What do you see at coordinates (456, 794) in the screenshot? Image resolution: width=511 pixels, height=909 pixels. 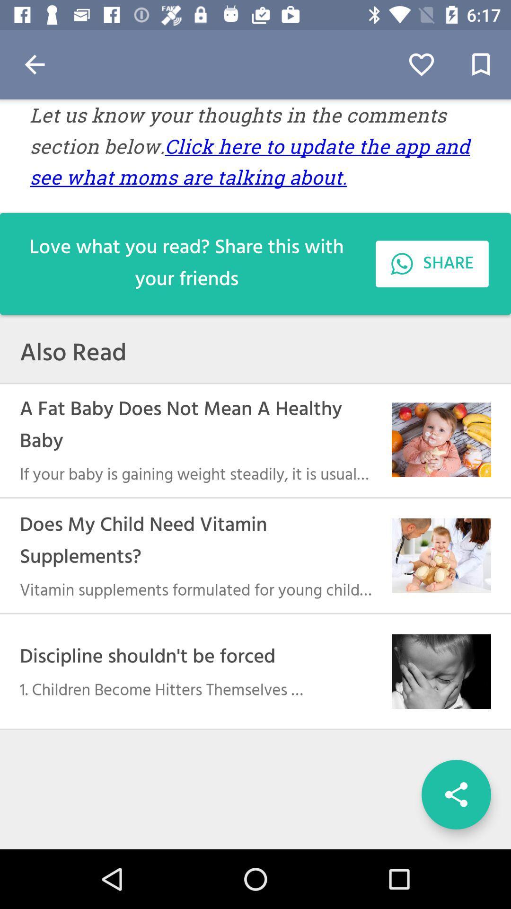 I see `share option` at bounding box center [456, 794].